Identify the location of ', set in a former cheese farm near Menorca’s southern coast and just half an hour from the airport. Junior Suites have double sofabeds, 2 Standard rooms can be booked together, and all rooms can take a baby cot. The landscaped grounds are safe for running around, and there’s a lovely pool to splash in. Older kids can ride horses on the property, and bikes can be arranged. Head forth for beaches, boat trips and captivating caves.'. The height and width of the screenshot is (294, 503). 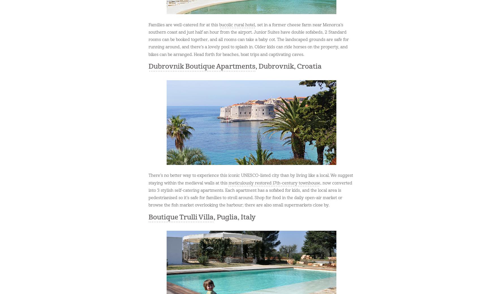
(248, 40).